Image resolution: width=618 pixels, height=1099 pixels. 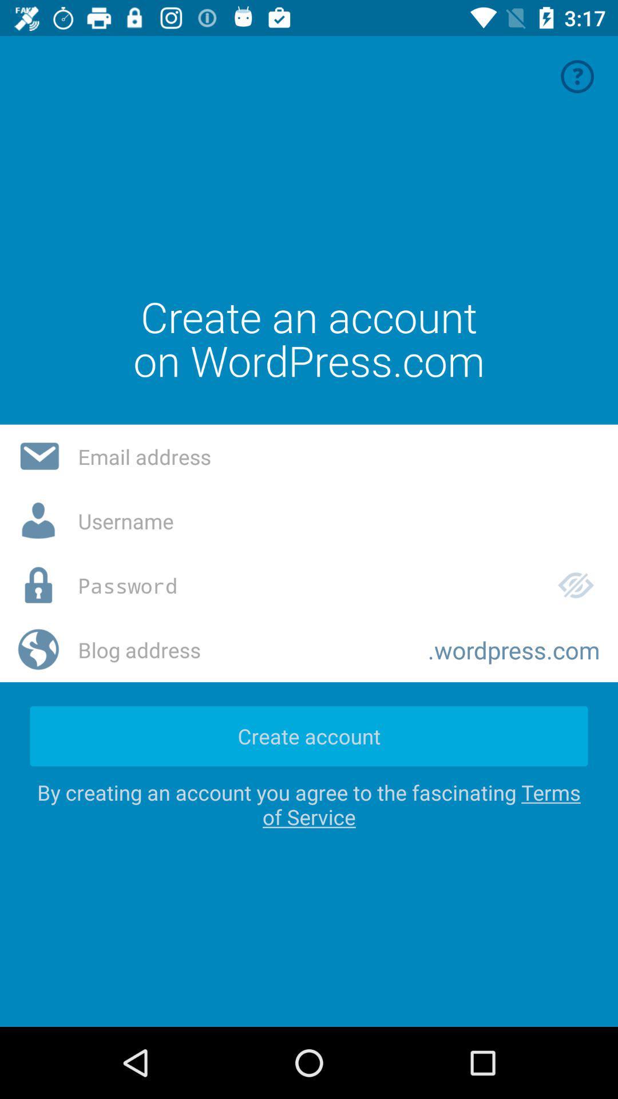 I want to click on a username, so click(x=338, y=520).